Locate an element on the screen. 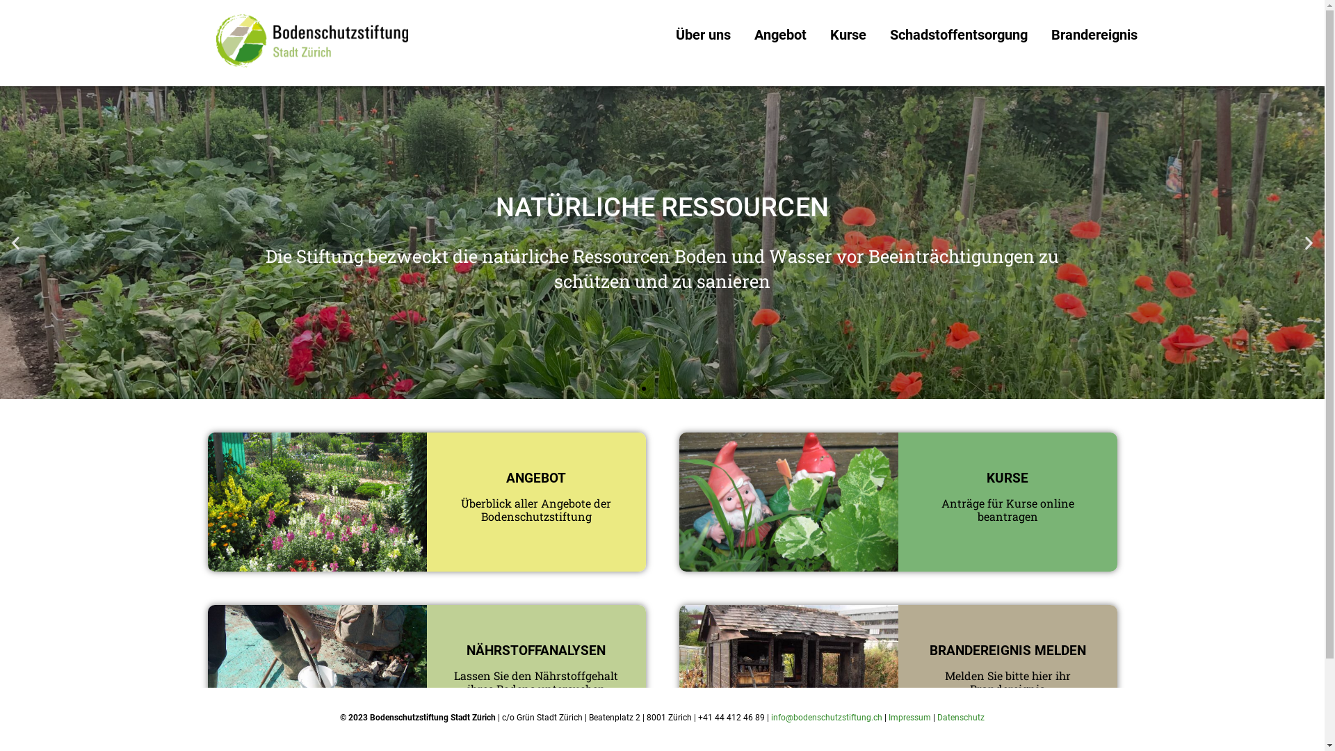 This screenshot has width=1335, height=751. 'Kurse' is located at coordinates (847, 34).